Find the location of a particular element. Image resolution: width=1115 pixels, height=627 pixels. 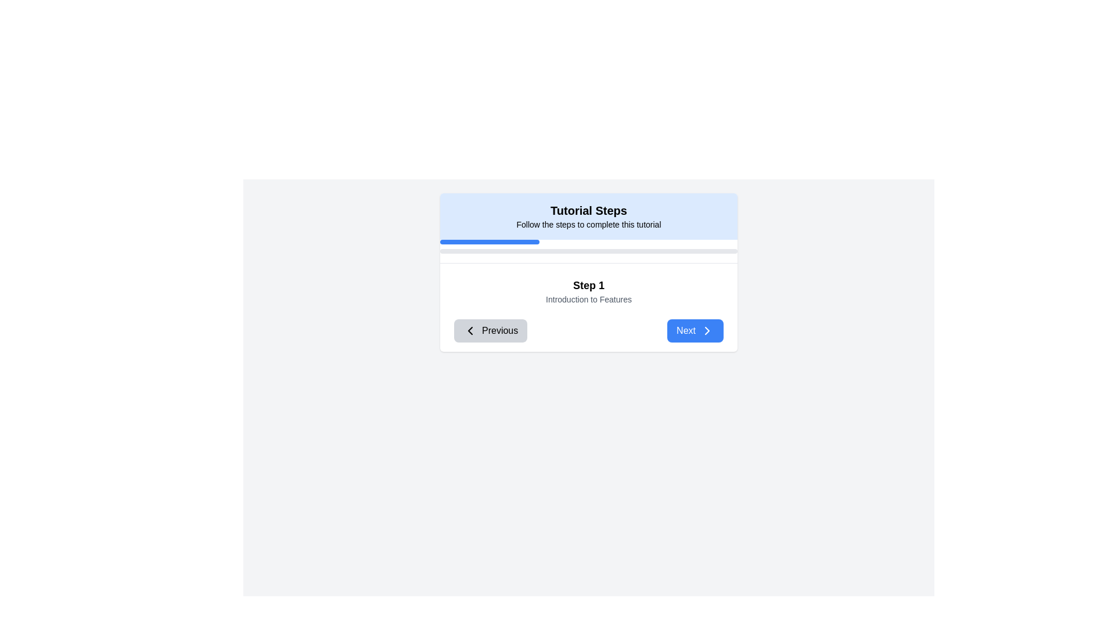

the 'Next' button, which has a blue background, white text, rounded corners, and includes a right-pointing chevron icon, to trigger a potential tooltip or style change is located at coordinates (695, 331).